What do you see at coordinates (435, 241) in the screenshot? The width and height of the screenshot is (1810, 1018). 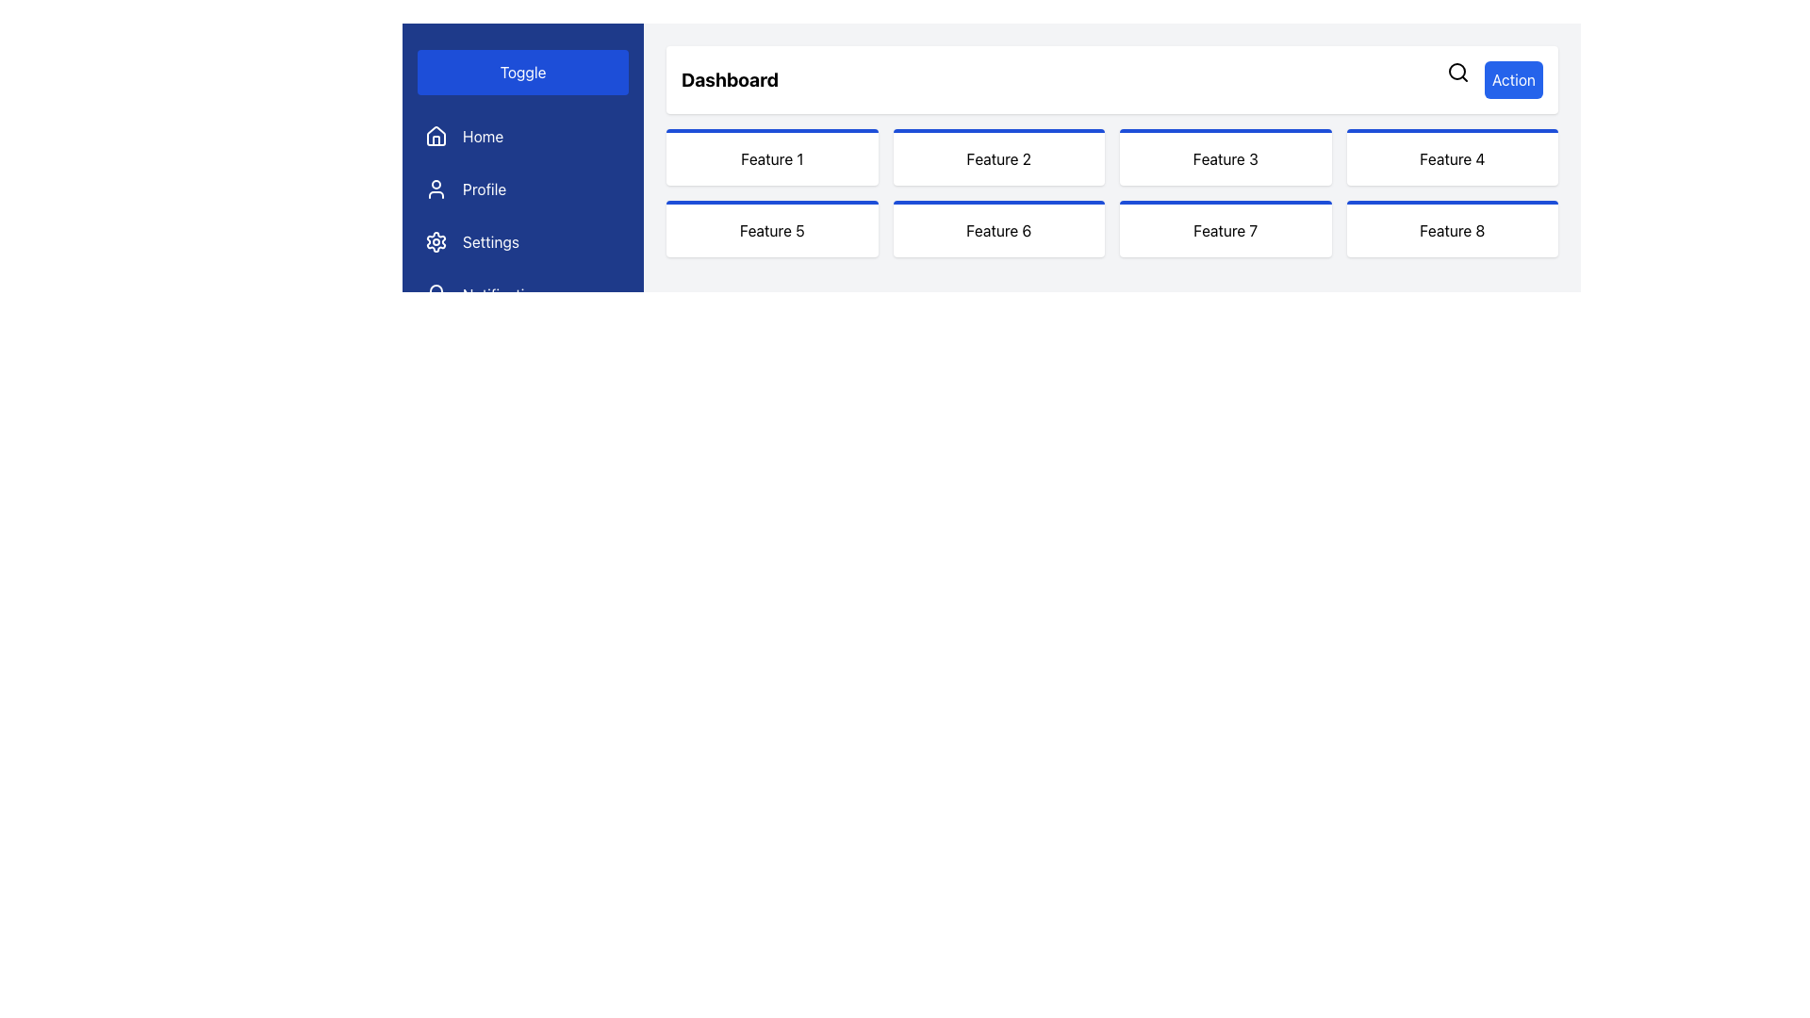 I see `the settings icon located in the navigation sidebar, positioned between the 'Profile' and 'Notifications' options` at bounding box center [435, 241].